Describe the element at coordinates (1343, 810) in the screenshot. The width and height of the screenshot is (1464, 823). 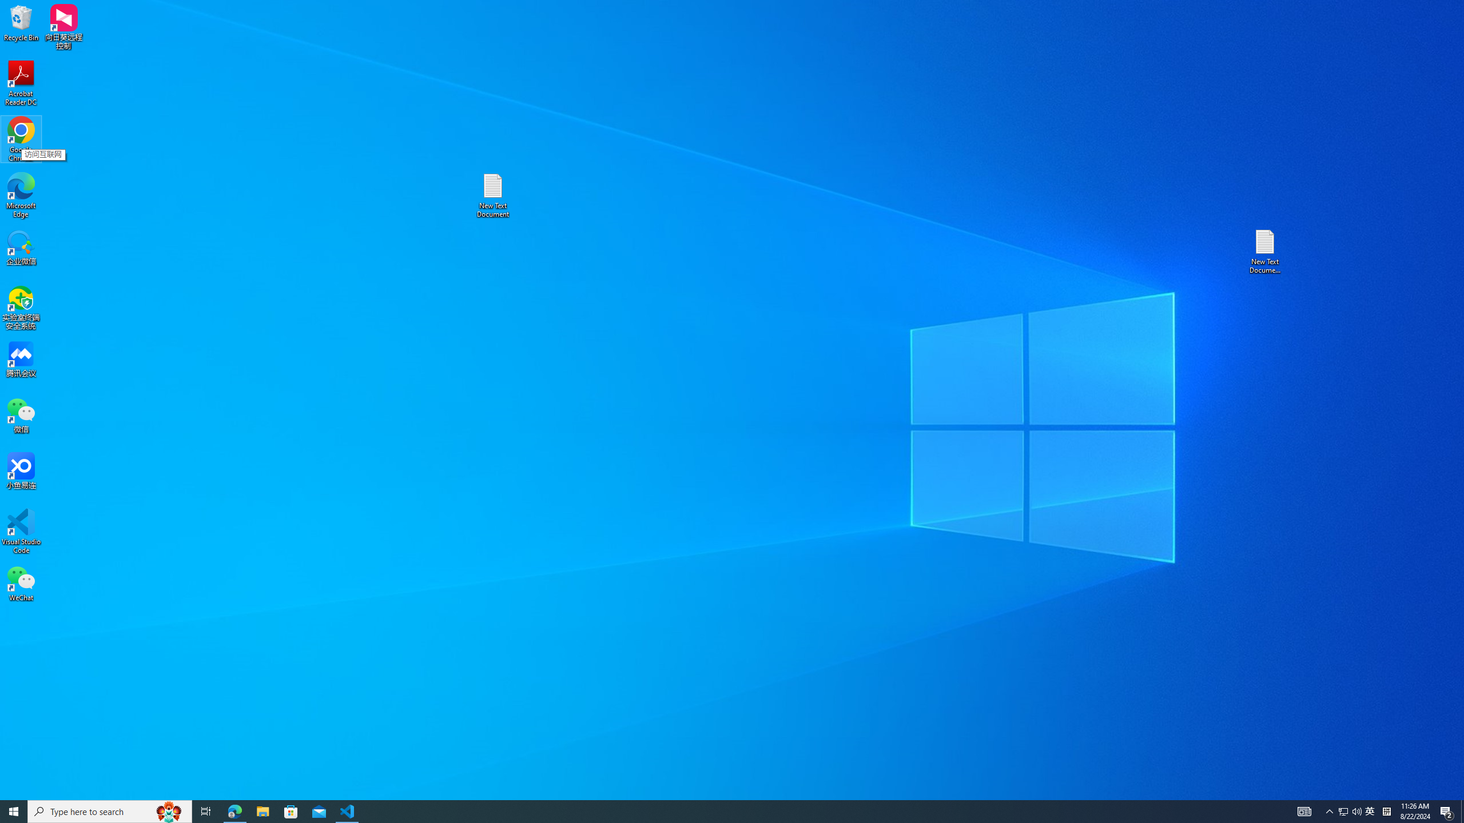
I see `'Tray Input Indicator - Chinese (Simplified, China)'` at that location.